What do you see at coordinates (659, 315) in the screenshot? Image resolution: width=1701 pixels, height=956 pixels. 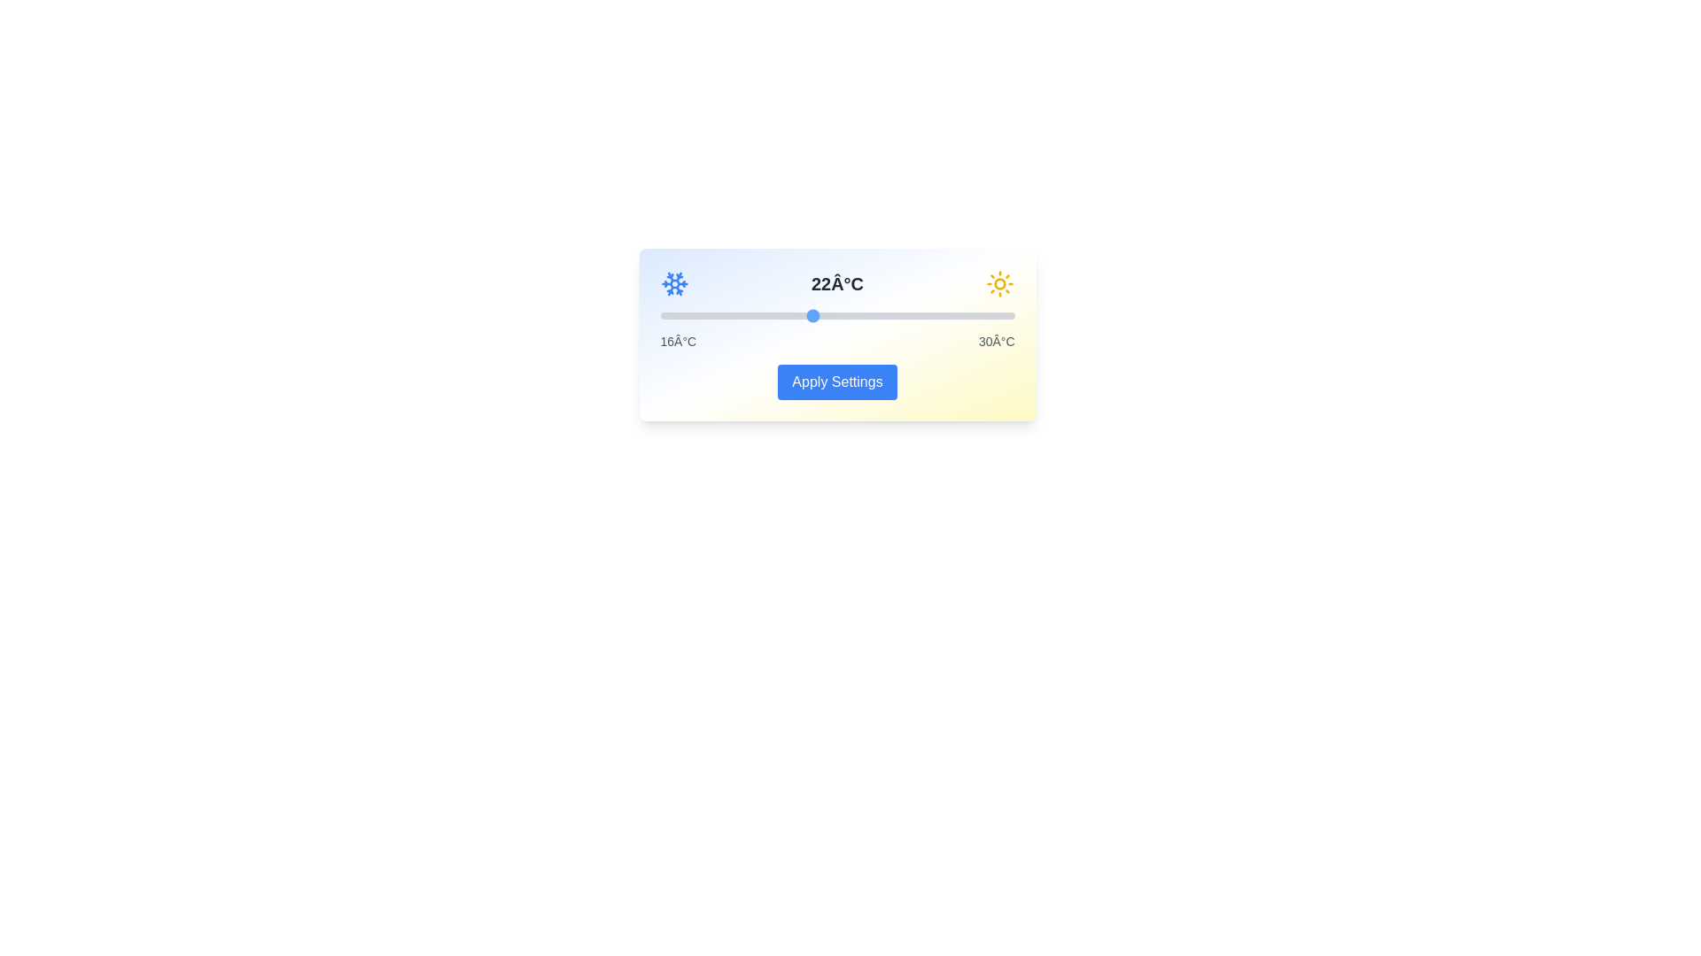 I see `the temperature slider to 16 degrees Celsius` at bounding box center [659, 315].